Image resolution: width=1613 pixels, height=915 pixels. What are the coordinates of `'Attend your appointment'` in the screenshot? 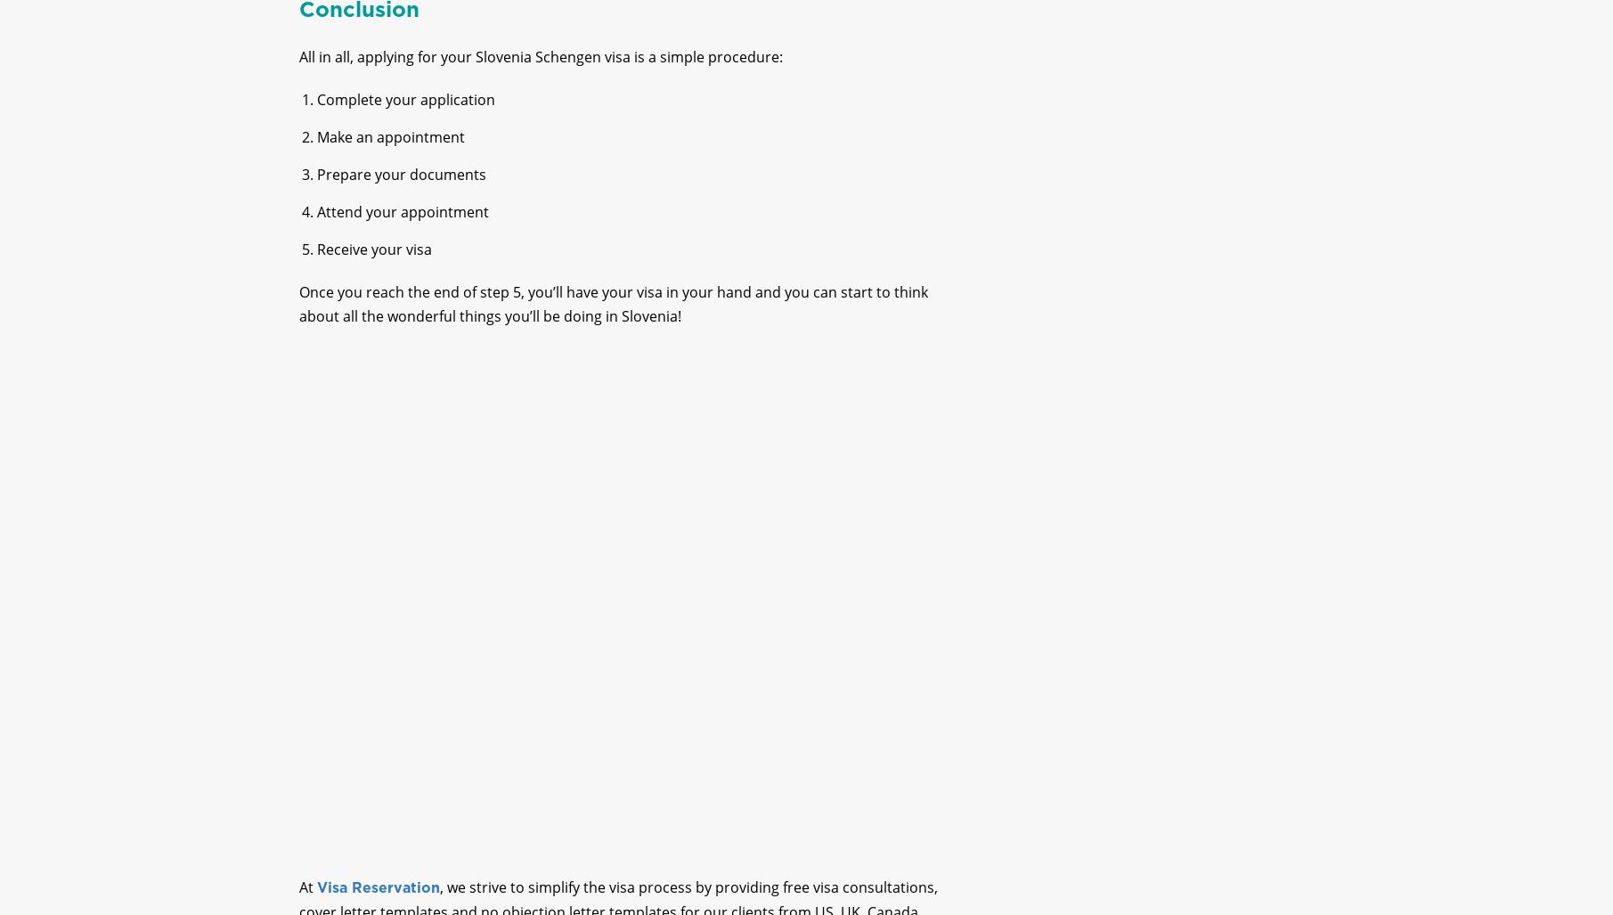 It's located at (402, 227).